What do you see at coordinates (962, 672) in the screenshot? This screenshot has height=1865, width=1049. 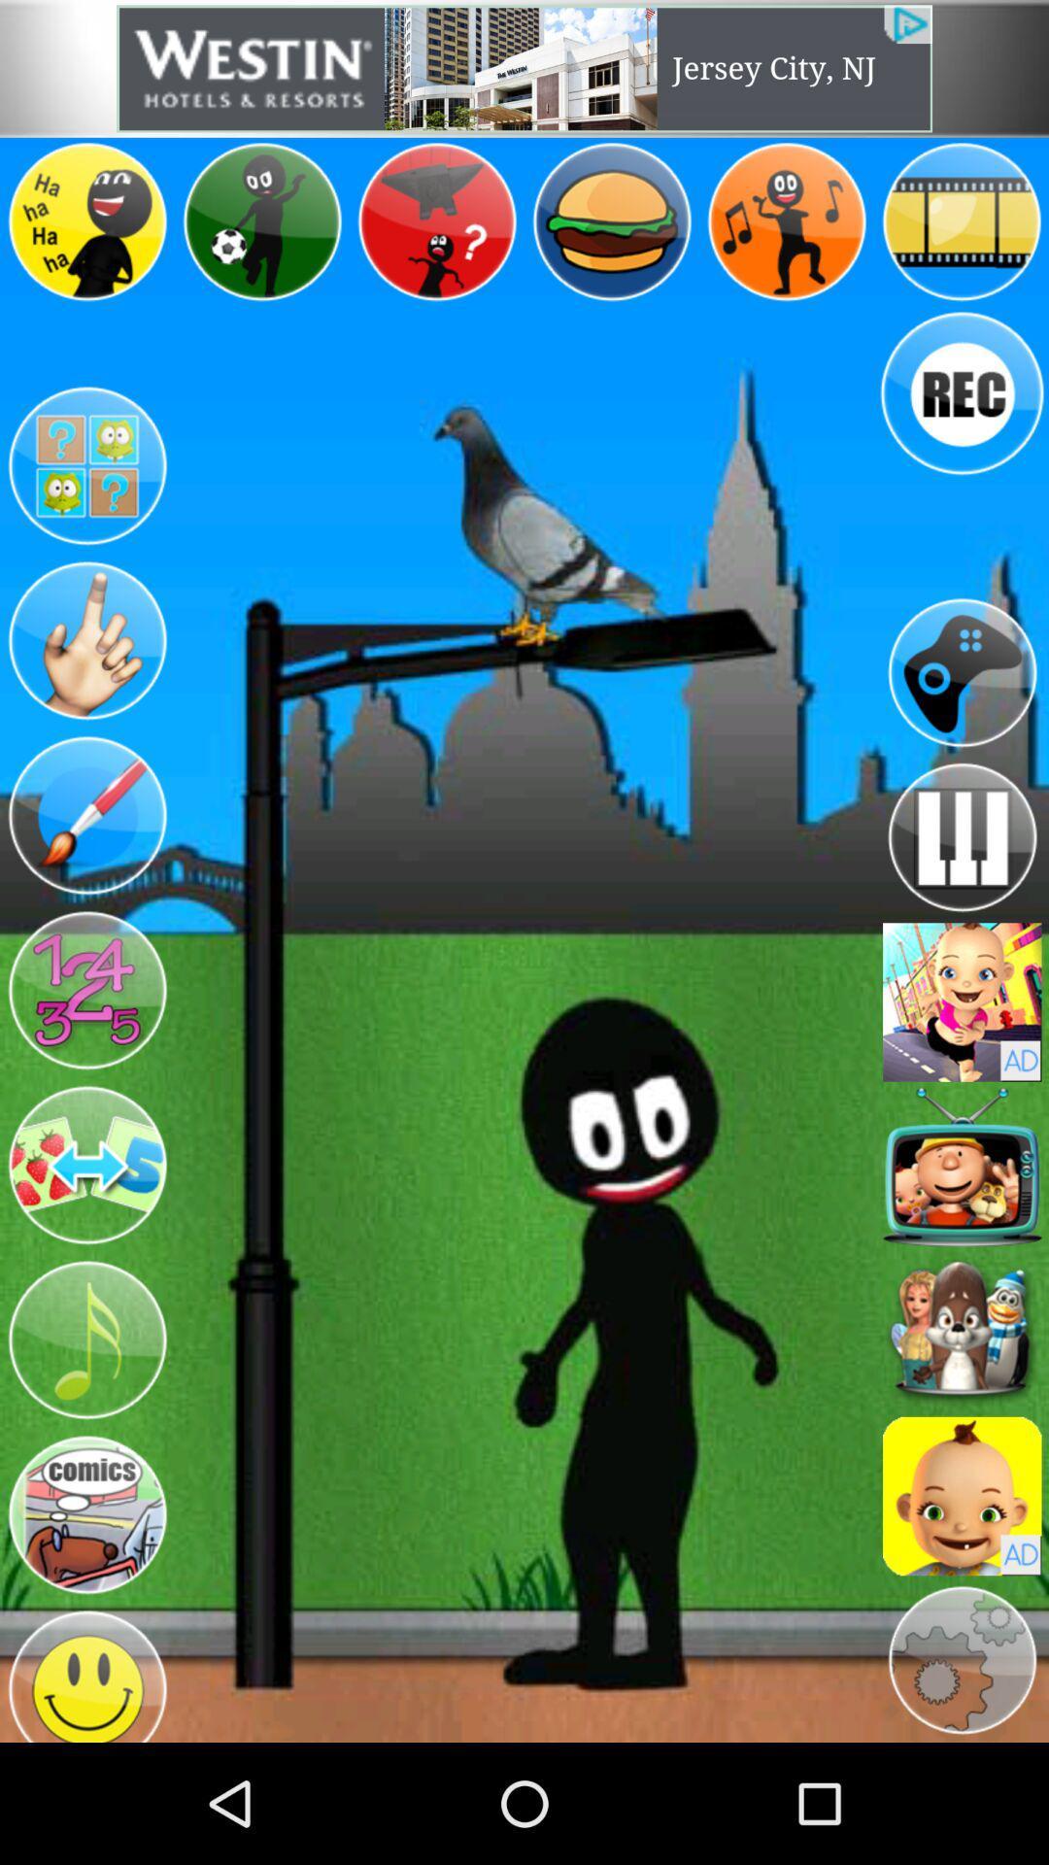 I see `go back` at bounding box center [962, 672].